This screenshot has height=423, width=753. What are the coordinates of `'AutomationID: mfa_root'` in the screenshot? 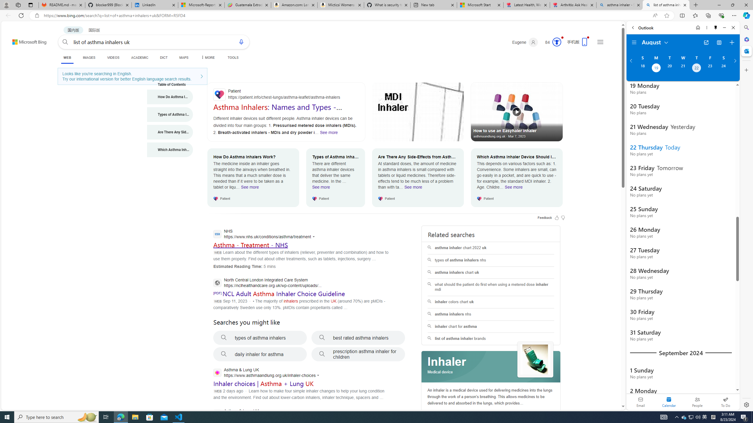 It's located at (601, 389).